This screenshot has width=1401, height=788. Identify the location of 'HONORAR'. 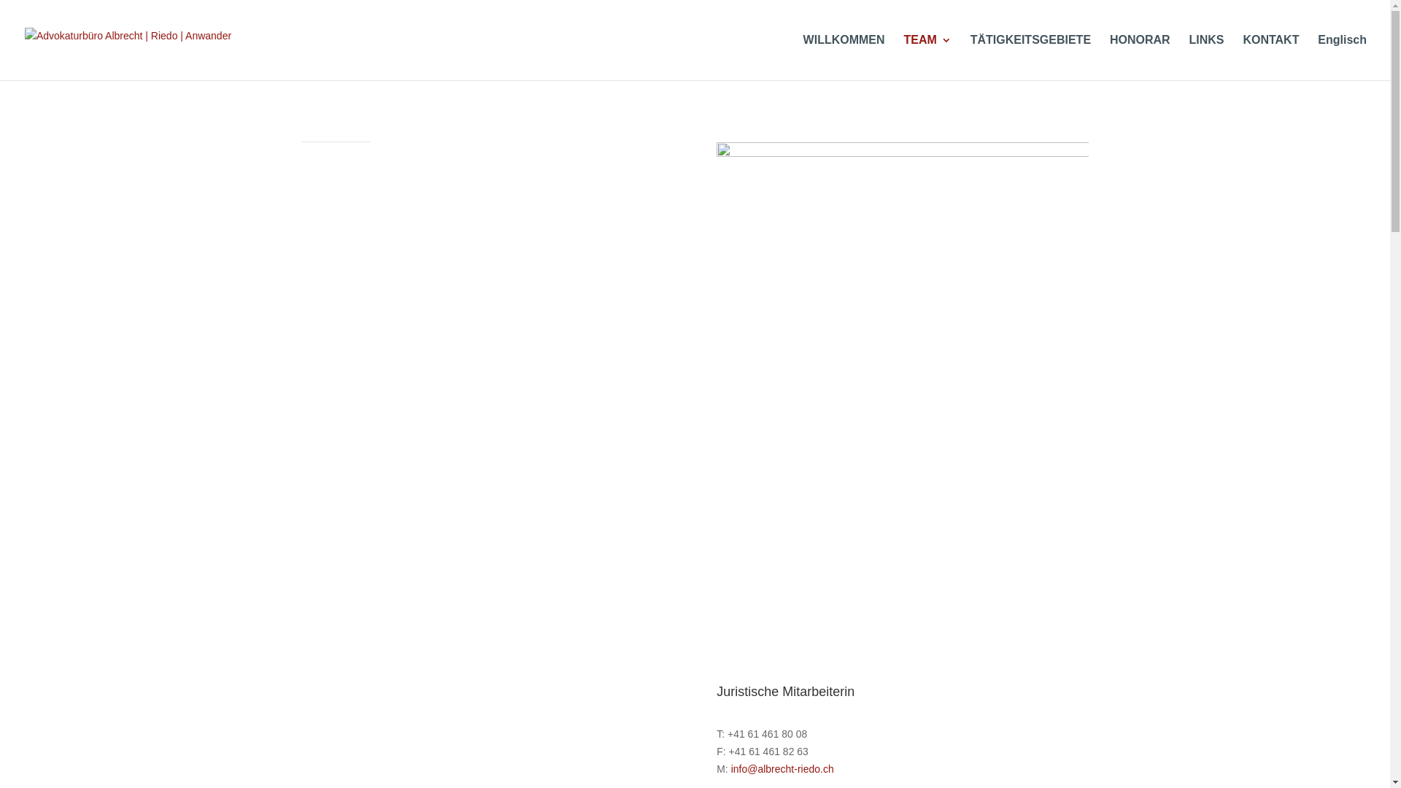
(1139, 56).